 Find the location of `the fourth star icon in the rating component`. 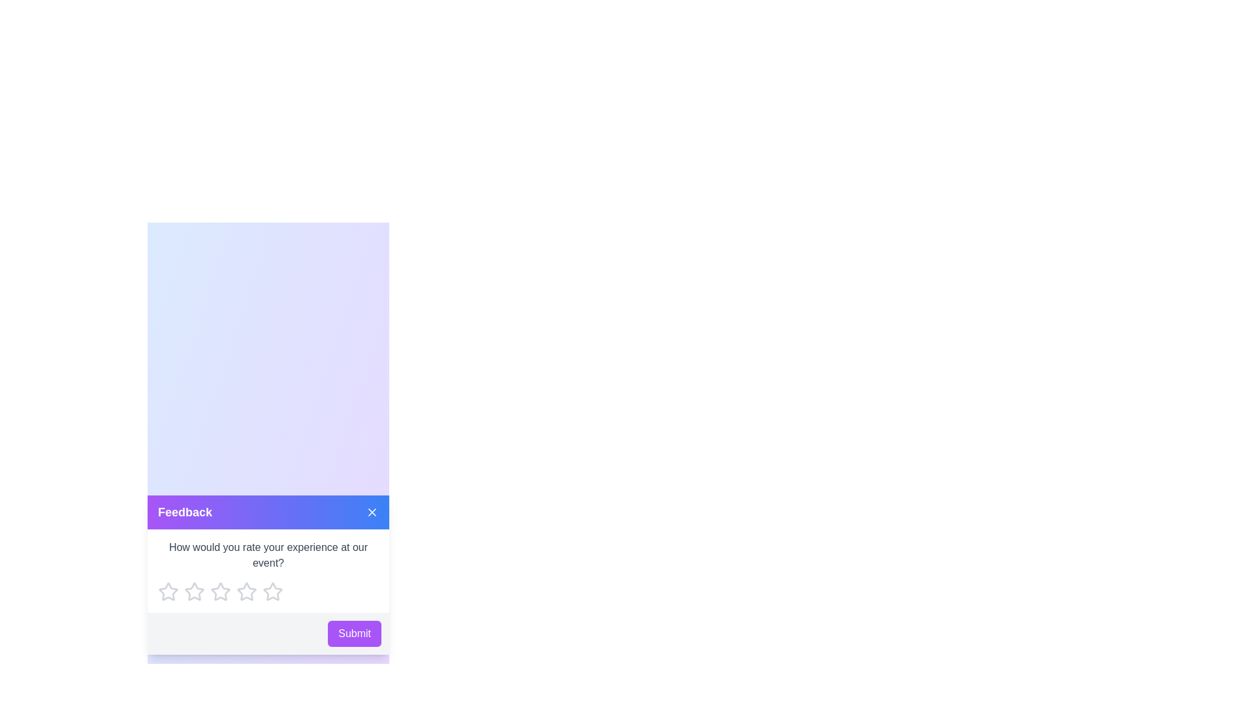

the fourth star icon in the rating component is located at coordinates (268, 591).